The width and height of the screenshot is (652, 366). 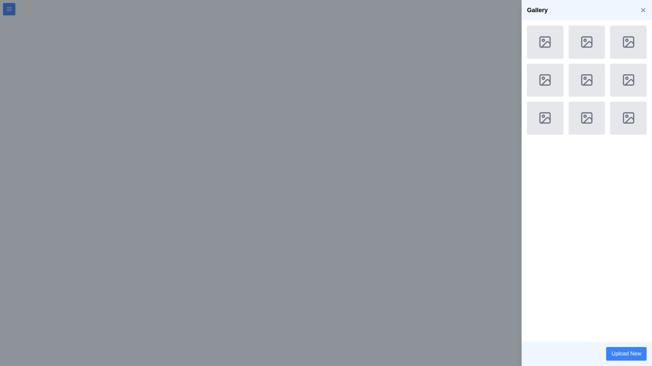 What do you see at coordinates (628, 42) in the screenshot?
I see `the image placeholder located in the top right corner of the gallery interface` at bounding box center [628, 42].